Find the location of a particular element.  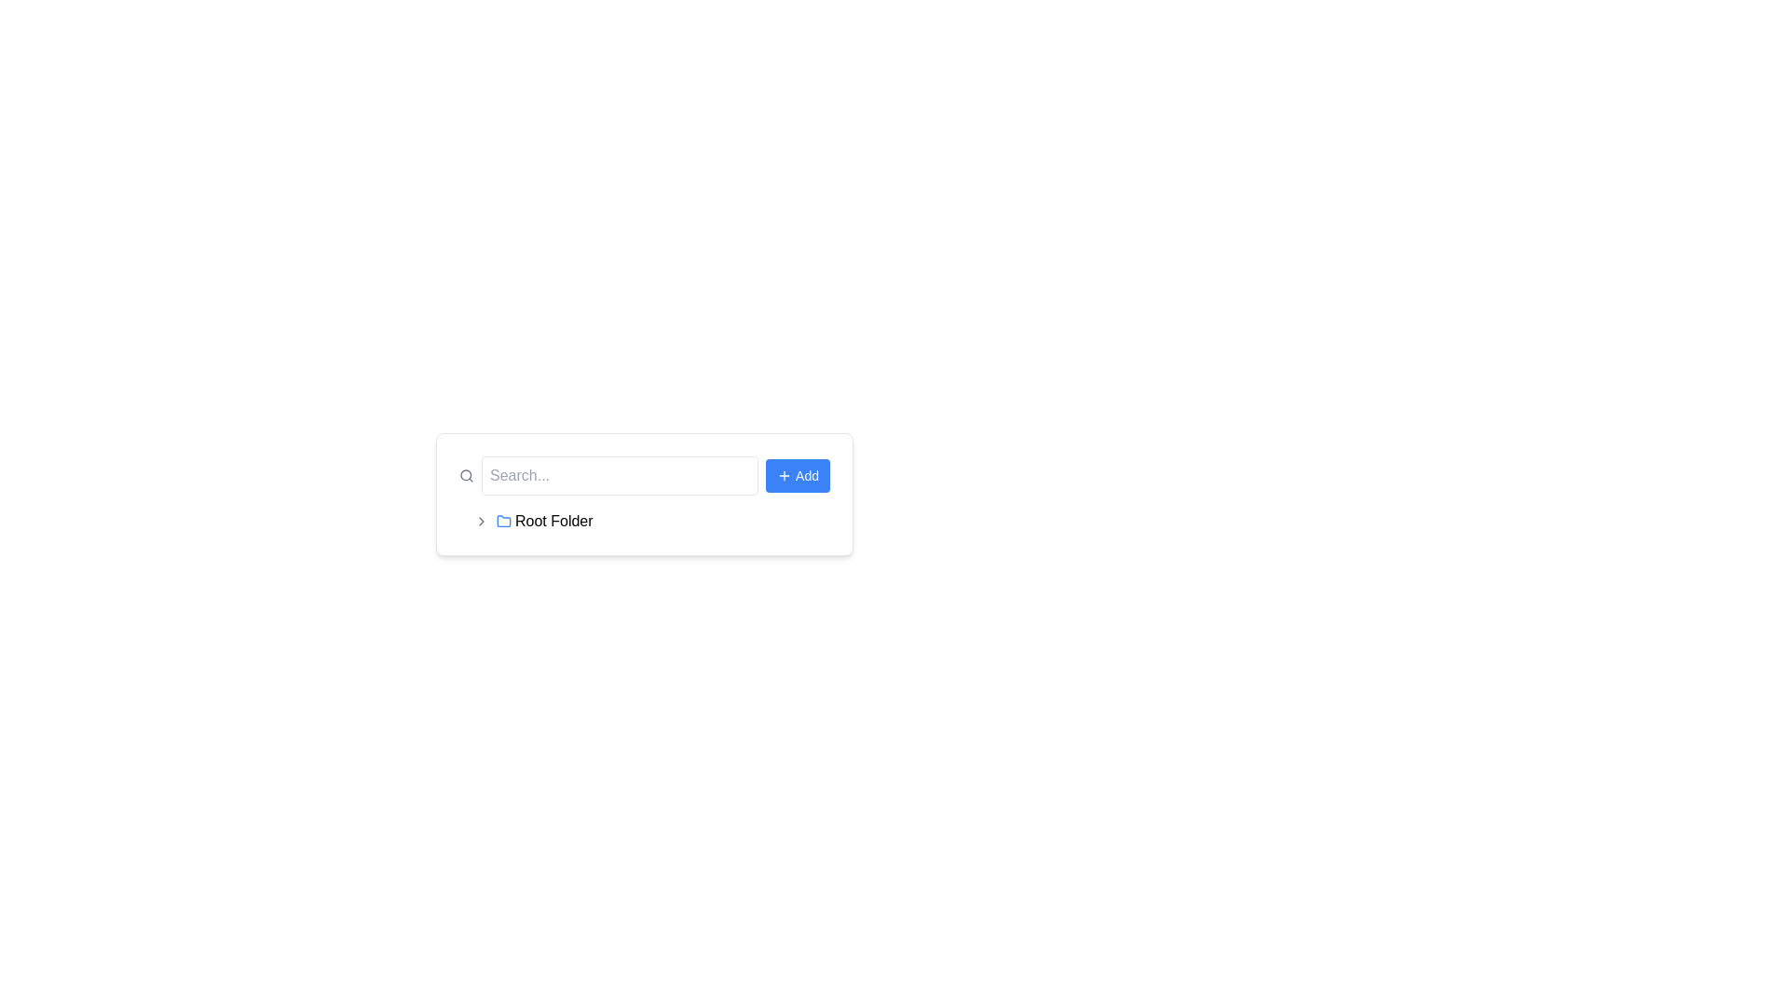

the lens of the magnifying glass icon, which is part of the search icon located in the toolbar is located at coordinates (466, 474).